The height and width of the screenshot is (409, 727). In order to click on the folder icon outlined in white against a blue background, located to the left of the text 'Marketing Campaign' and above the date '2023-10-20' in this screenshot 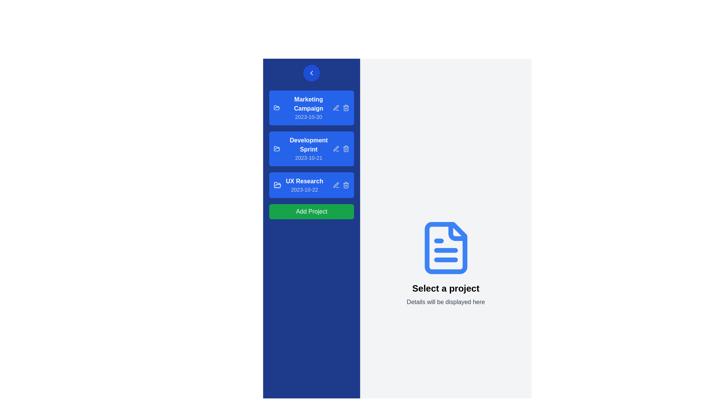, I will do `click(276, 108)`.